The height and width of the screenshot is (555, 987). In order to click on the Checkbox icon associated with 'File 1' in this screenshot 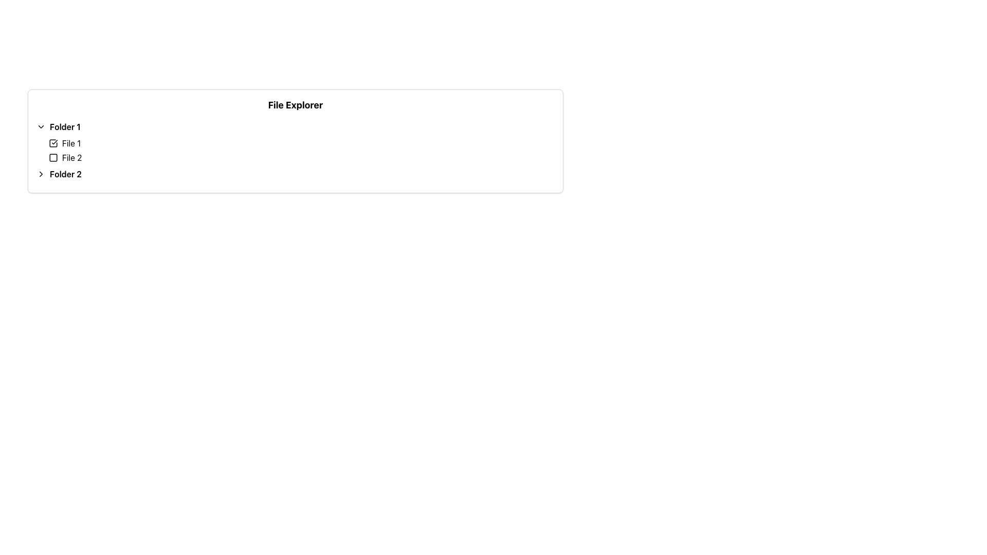, I will do `click(53, 143)`.